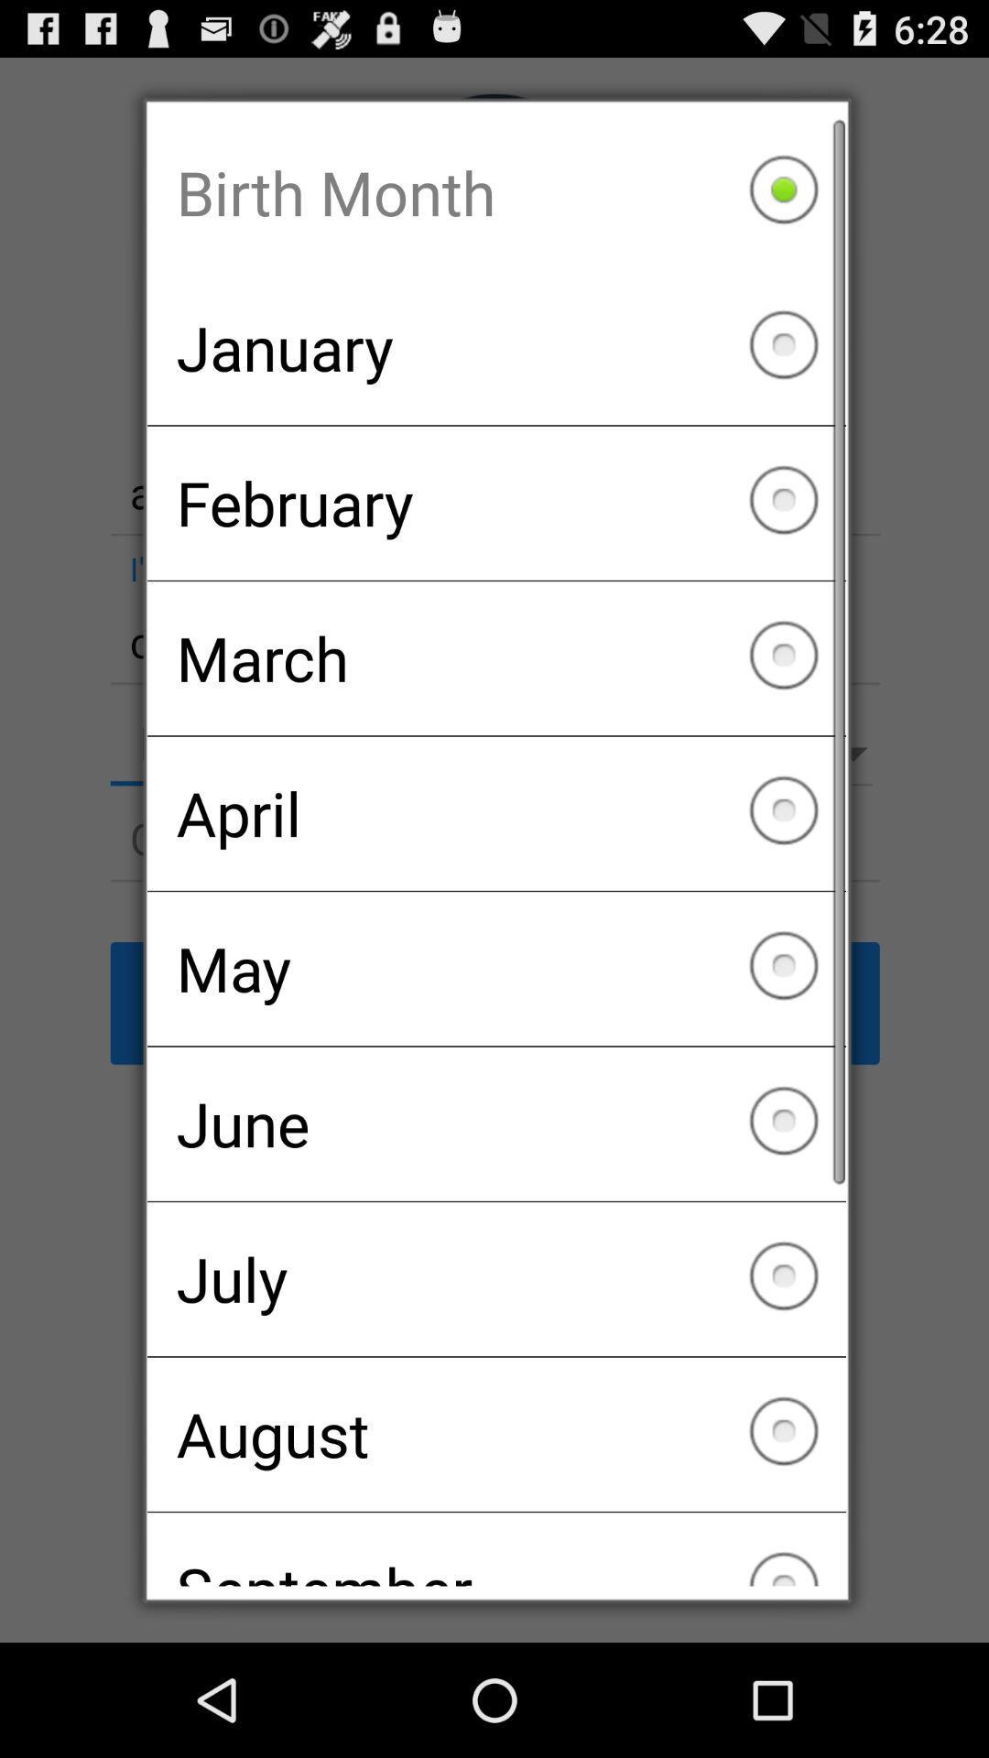 The width and height of the screenshot is (989, 1758). I want to click on the item above the may checkbox, so click(496, 812).